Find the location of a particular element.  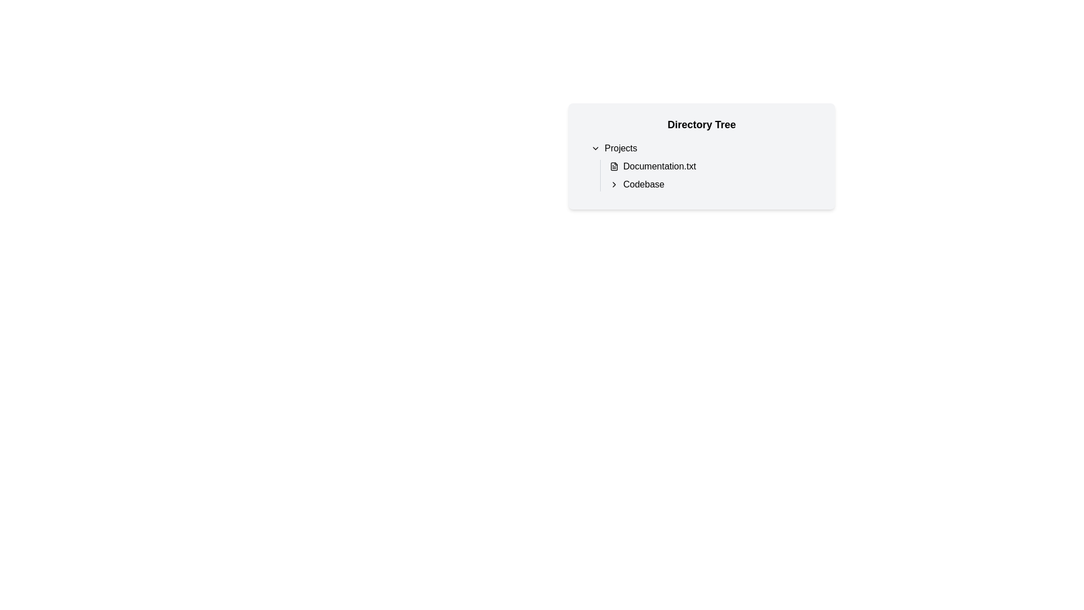

the graphical icon resembling a text file, which is positioned to the left of the text label 'Documentation.txt' in the directory tree under 'Projects' is located at coordinates (614, 166).